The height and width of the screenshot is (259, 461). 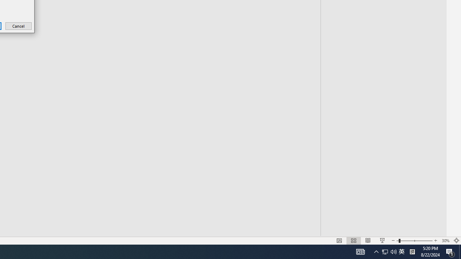 I want to click on 'Zoom 30%', so click(x=445, y=241).